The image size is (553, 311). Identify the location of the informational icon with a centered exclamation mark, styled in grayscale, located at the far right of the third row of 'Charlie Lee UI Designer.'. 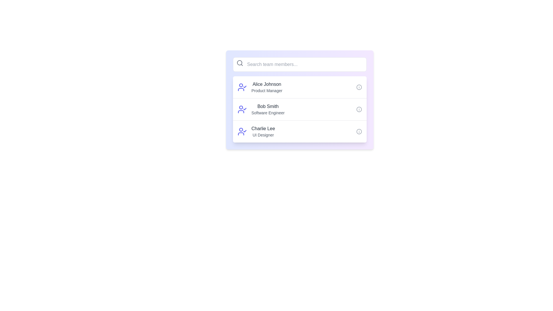
(359, 131).